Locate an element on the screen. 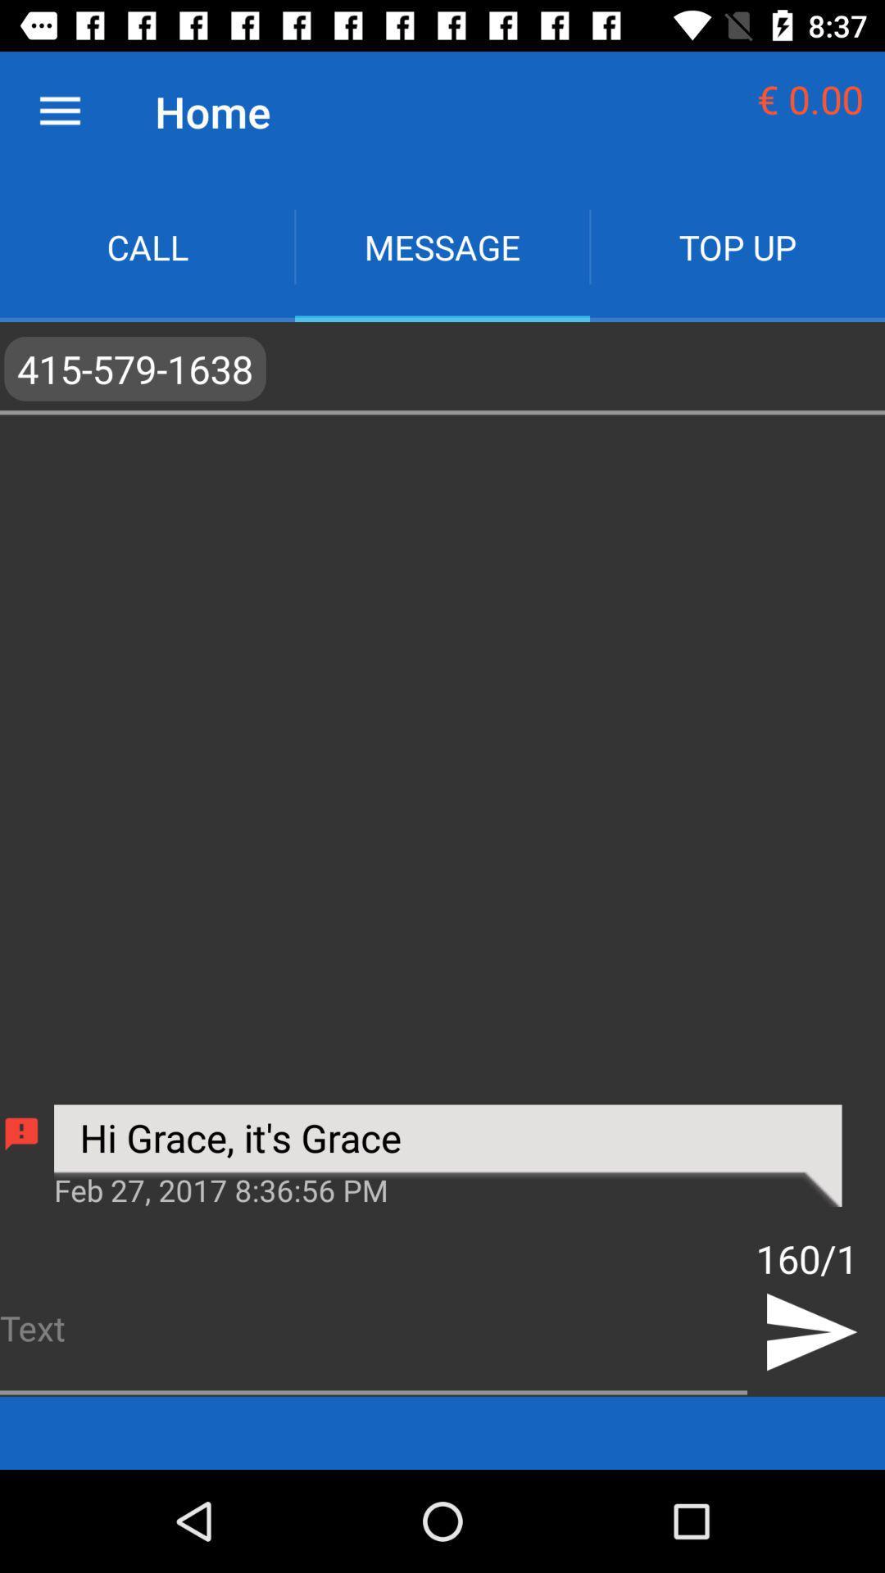 The image size is (885, 1573). the top up app is located at coordinates (736, 246).